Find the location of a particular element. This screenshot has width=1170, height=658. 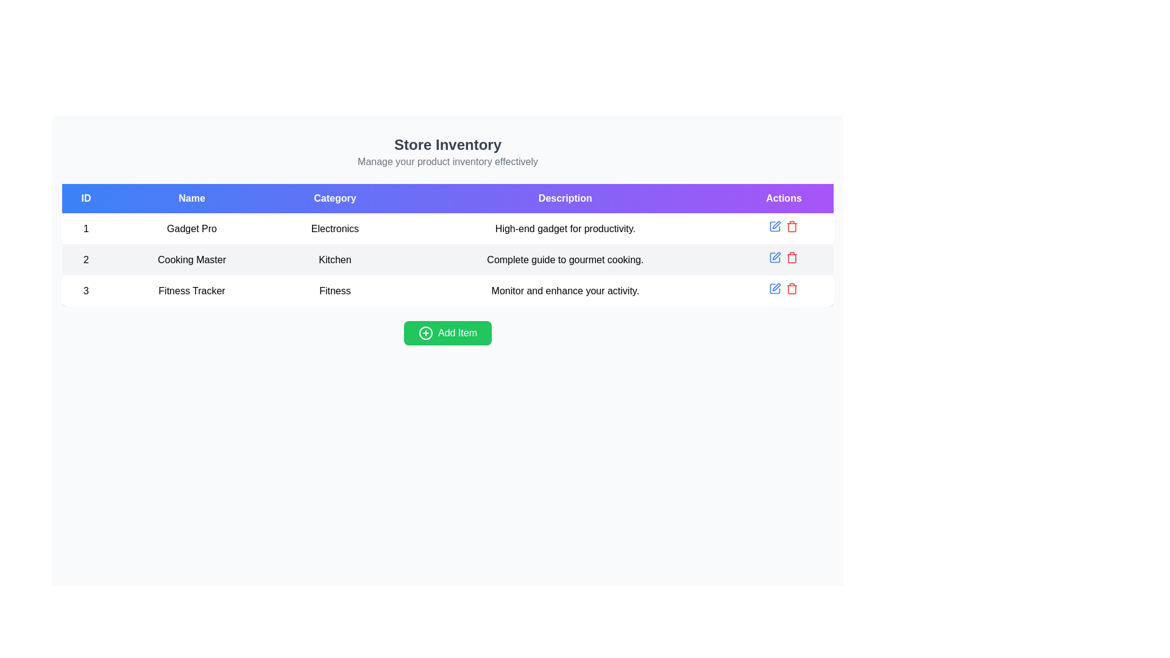

the 'Add New Item' button located directly below the inventory table is located at coordinates (447, 333).